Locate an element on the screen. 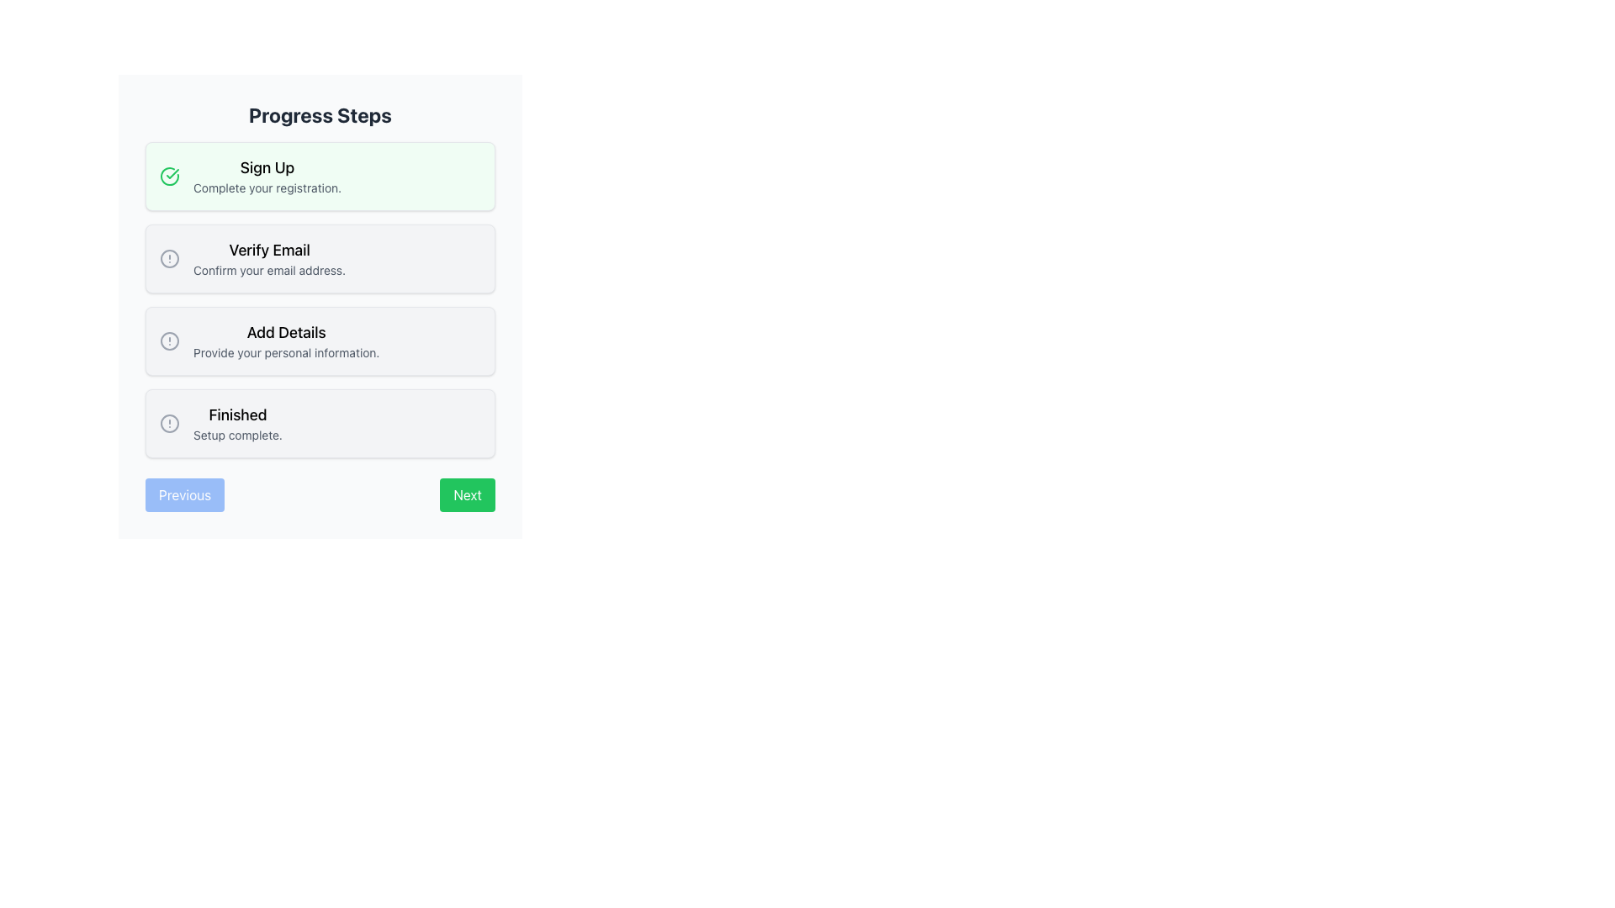 This screenshot has height=908, width=1615. the instructional text element located below the 'Sign Up' text in the green-highlighted box of the step-by-step progress interface is located at coordinates (267, 187).